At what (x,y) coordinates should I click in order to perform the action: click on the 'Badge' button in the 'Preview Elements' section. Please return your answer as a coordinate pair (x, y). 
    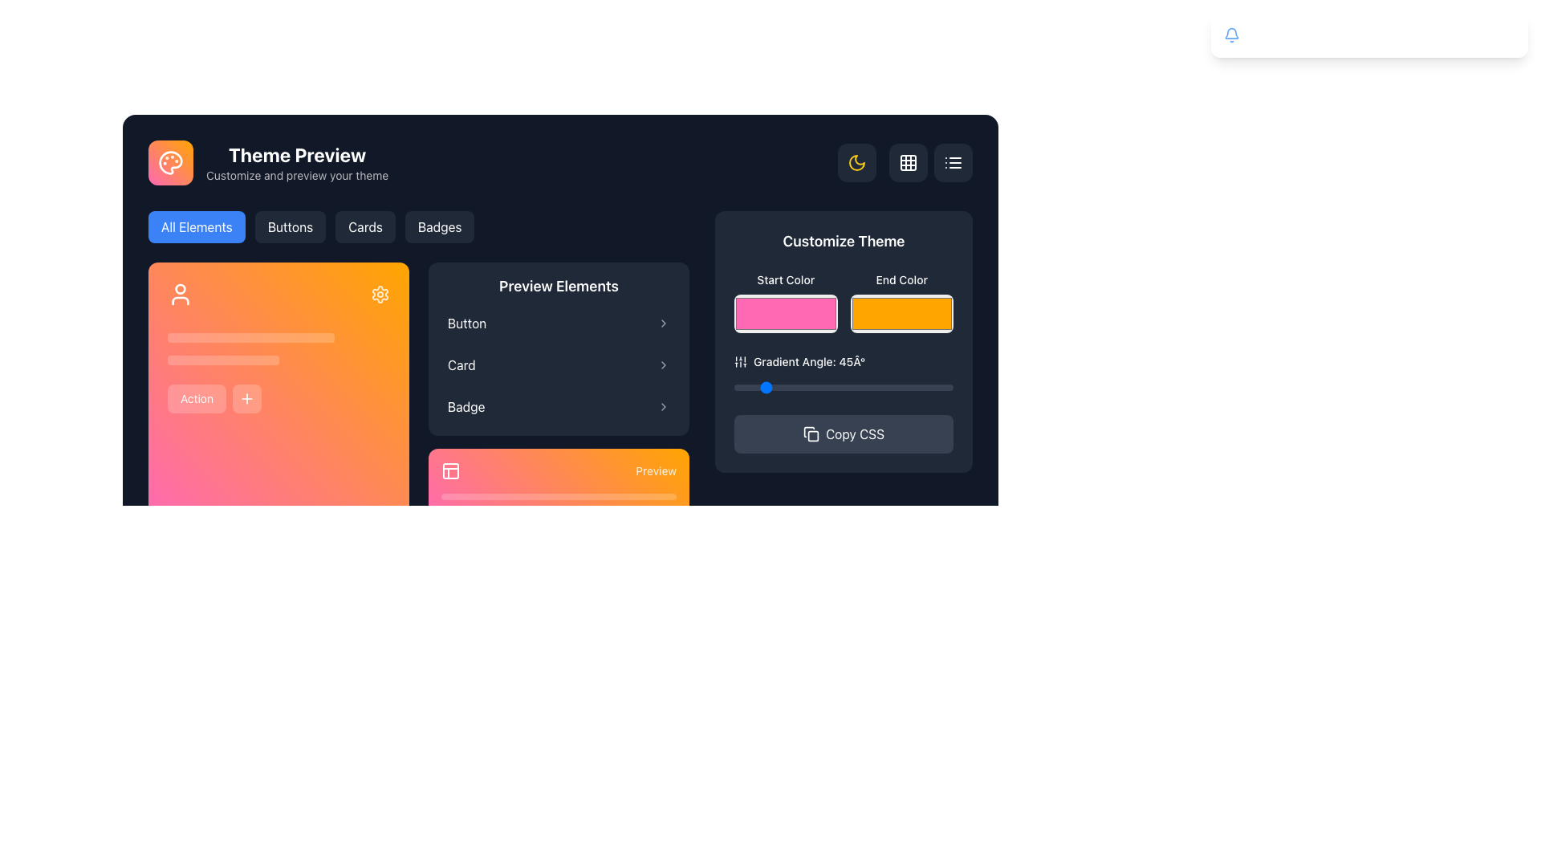
    Looking at the image, I should click on (559, 405).